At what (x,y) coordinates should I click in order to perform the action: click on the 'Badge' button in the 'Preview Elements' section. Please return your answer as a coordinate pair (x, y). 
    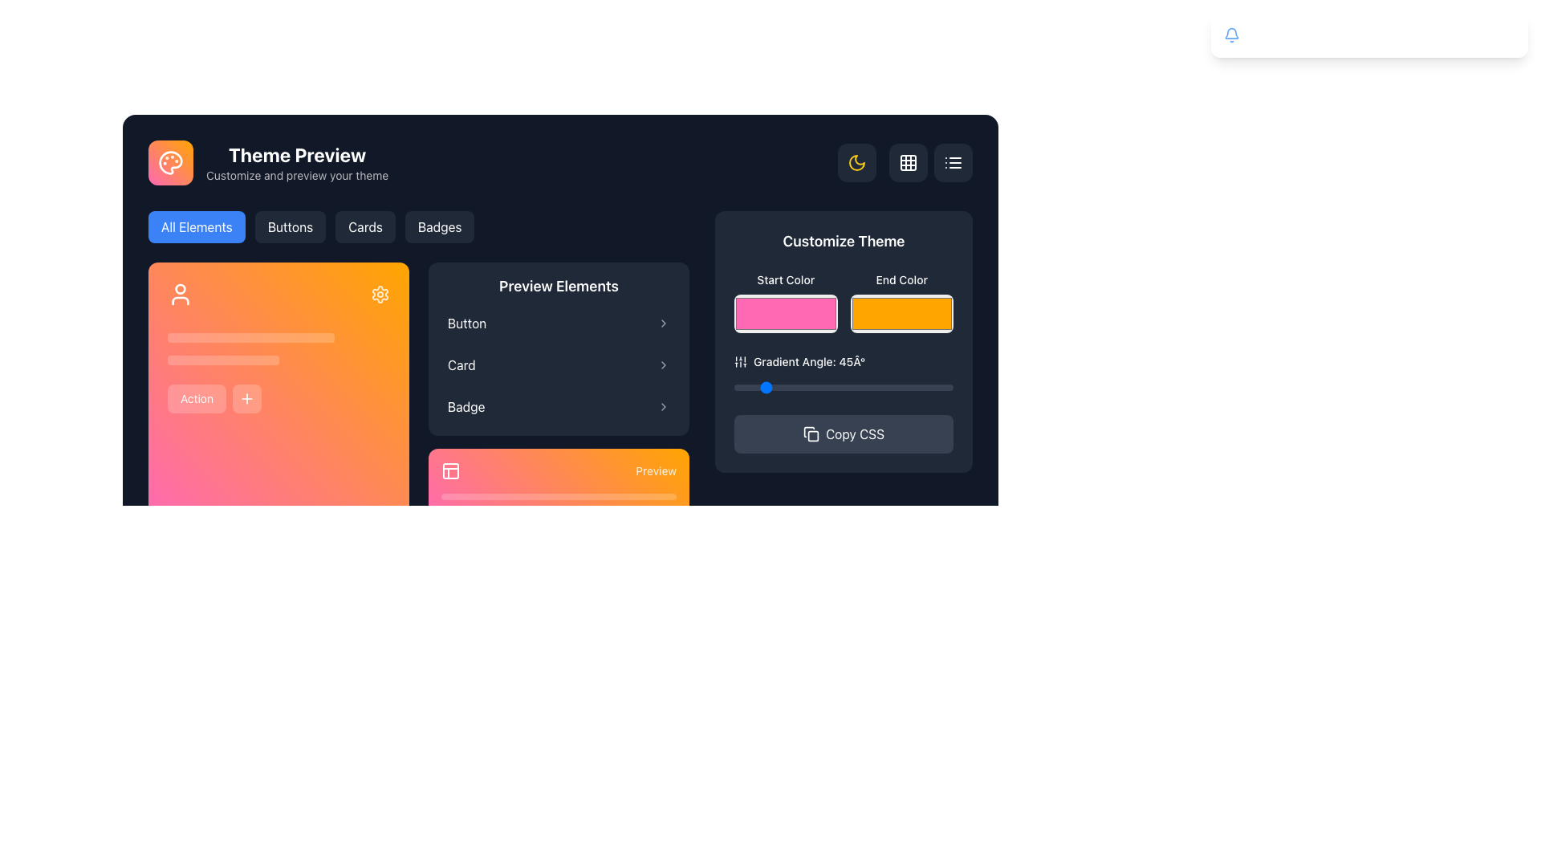
    Looking at the image, I should click on (559, 405).